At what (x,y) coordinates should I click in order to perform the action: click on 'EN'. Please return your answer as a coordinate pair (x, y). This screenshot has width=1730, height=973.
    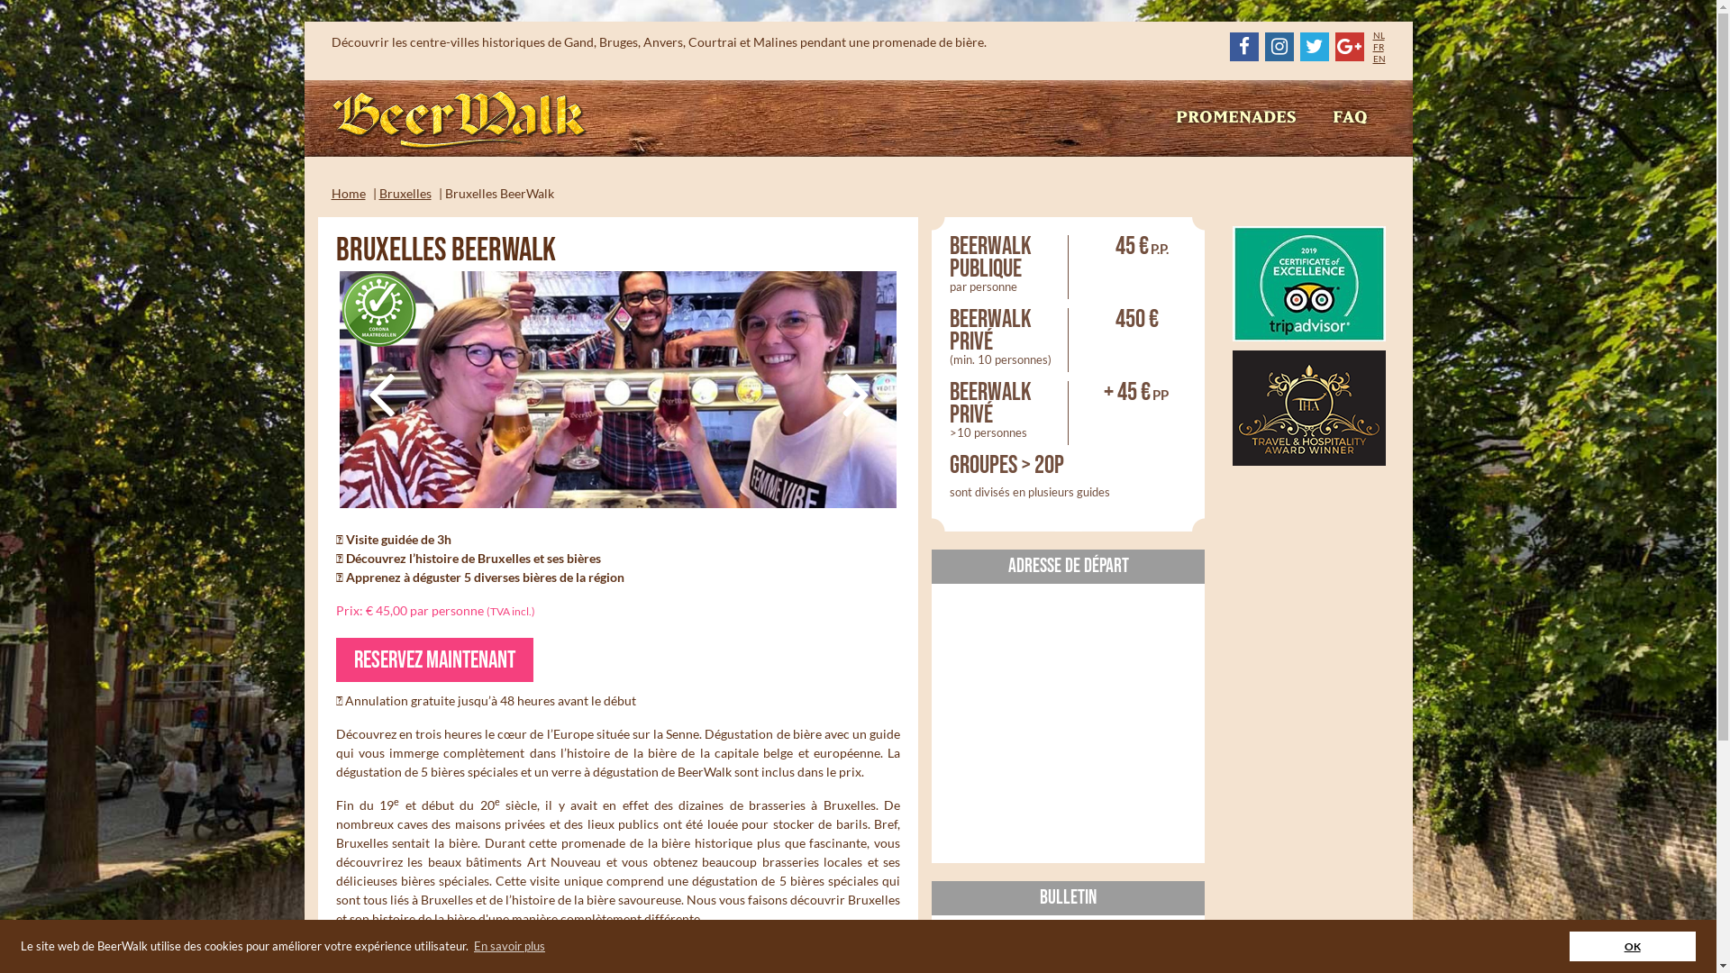
    Looking at the image, I should click on (1379, 58).